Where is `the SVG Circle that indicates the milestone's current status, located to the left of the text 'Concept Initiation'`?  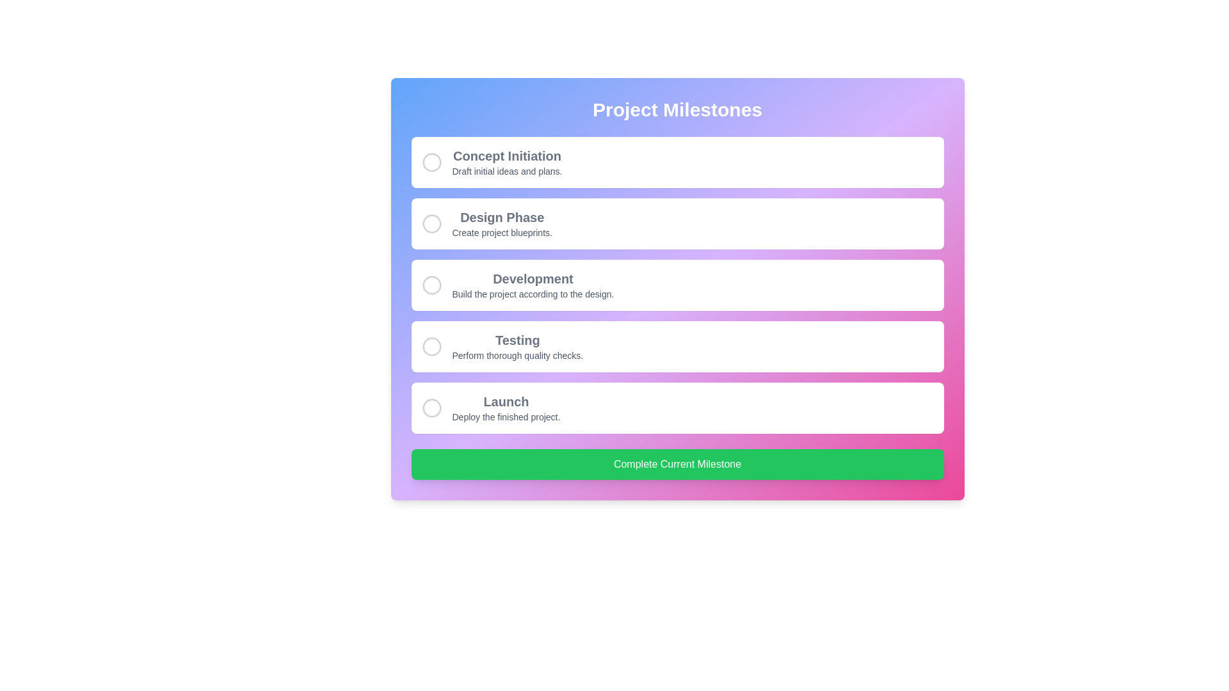
the SVG Circle that indicates the milestone's current status, located to the left of the text 'Concept Initiation' is located at coordinates (431, 162).